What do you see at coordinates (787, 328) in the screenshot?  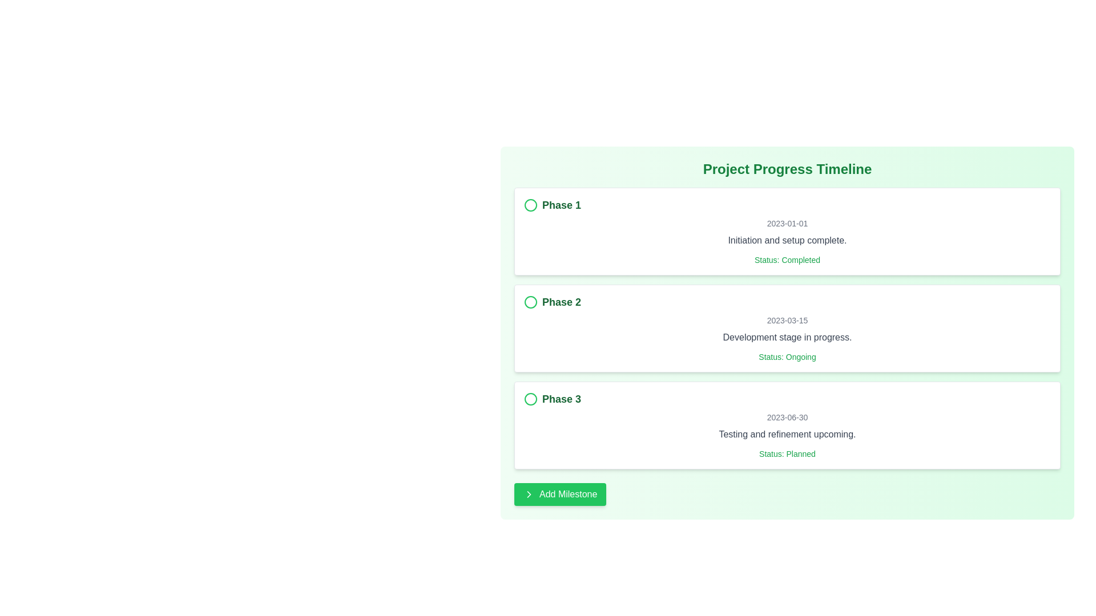 I see `the second card in the vertical list that displays progress milestone details for the 'Phase 2' task` at bounding box center [787, 328].